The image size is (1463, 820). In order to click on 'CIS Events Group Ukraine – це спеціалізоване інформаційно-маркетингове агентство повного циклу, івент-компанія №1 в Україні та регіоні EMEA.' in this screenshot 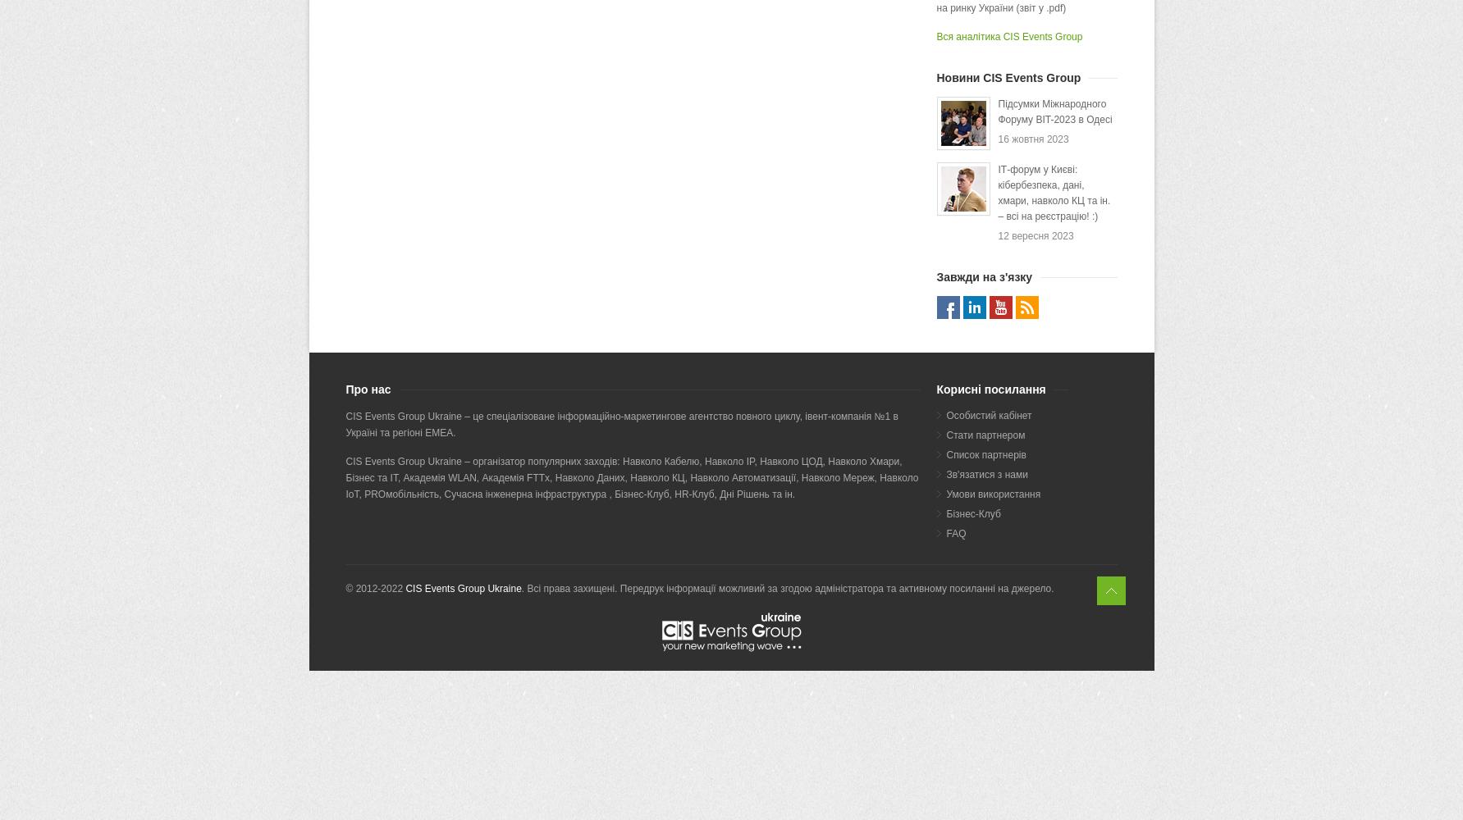, I will do `click(345, 425)`.